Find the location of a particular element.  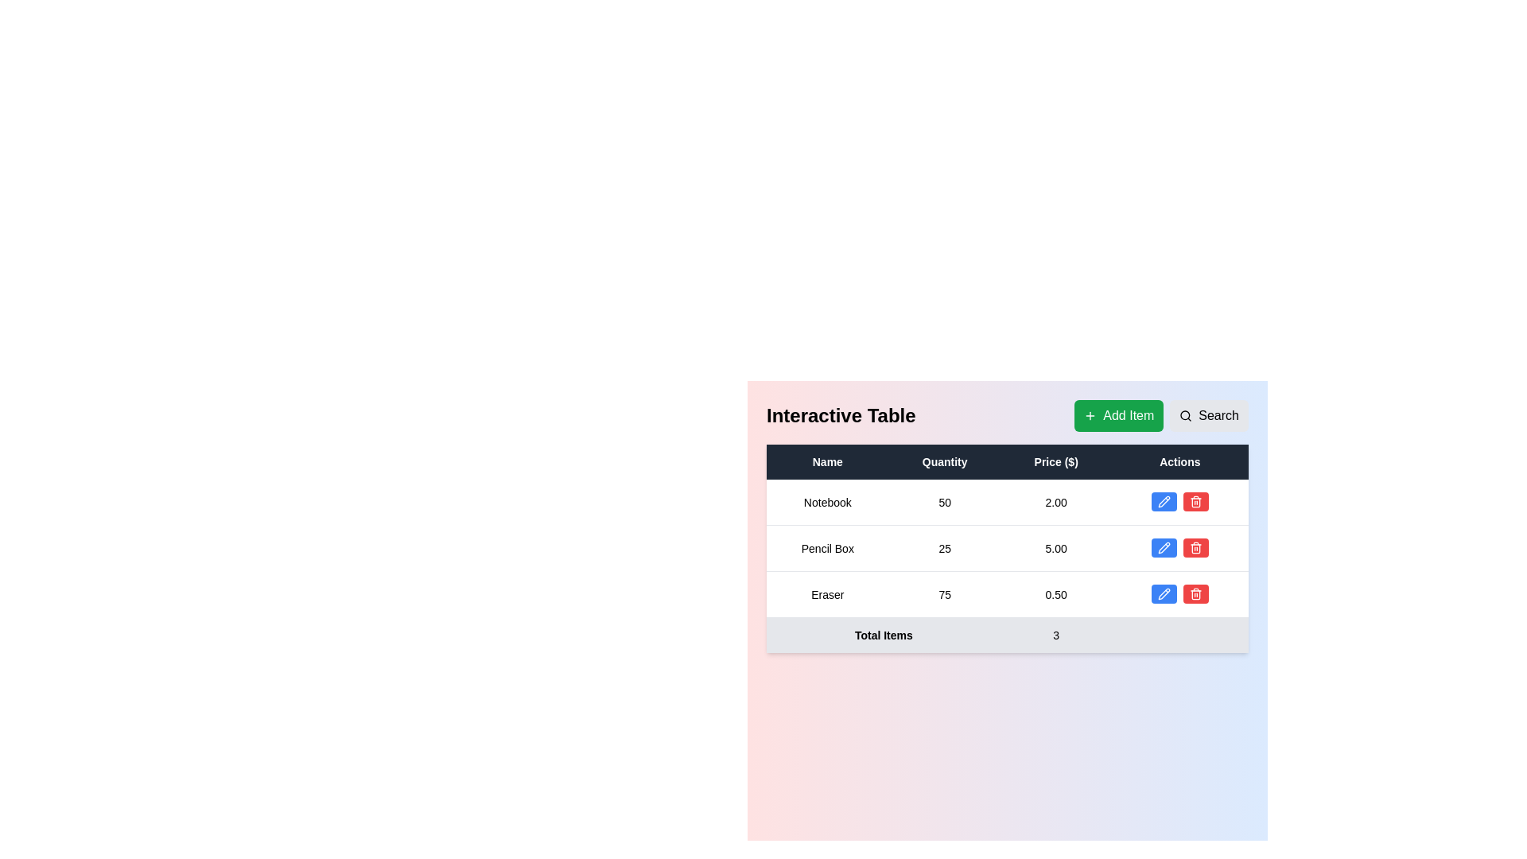

the delete IconButton located in the 'Actions' column of the interactive table next to the blue pencil icon to initiate the delete action is located at coordinates (1195, 502).